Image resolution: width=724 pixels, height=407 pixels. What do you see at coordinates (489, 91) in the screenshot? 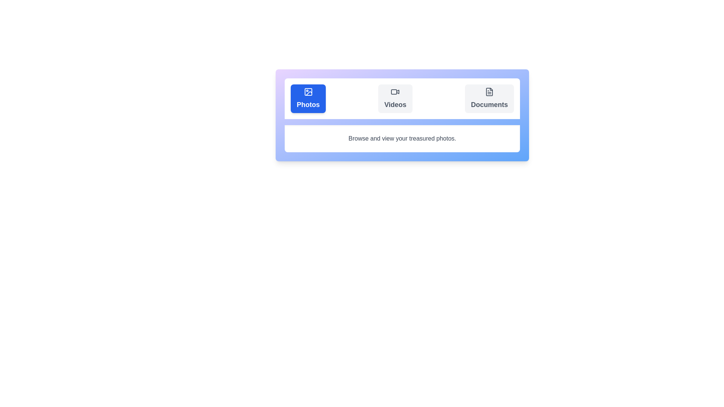
I see `the document icon located at the top of the 'Documents' section, which is the third option from the left in the horizontally aligned menu bar` at bounding box center [489, 91].